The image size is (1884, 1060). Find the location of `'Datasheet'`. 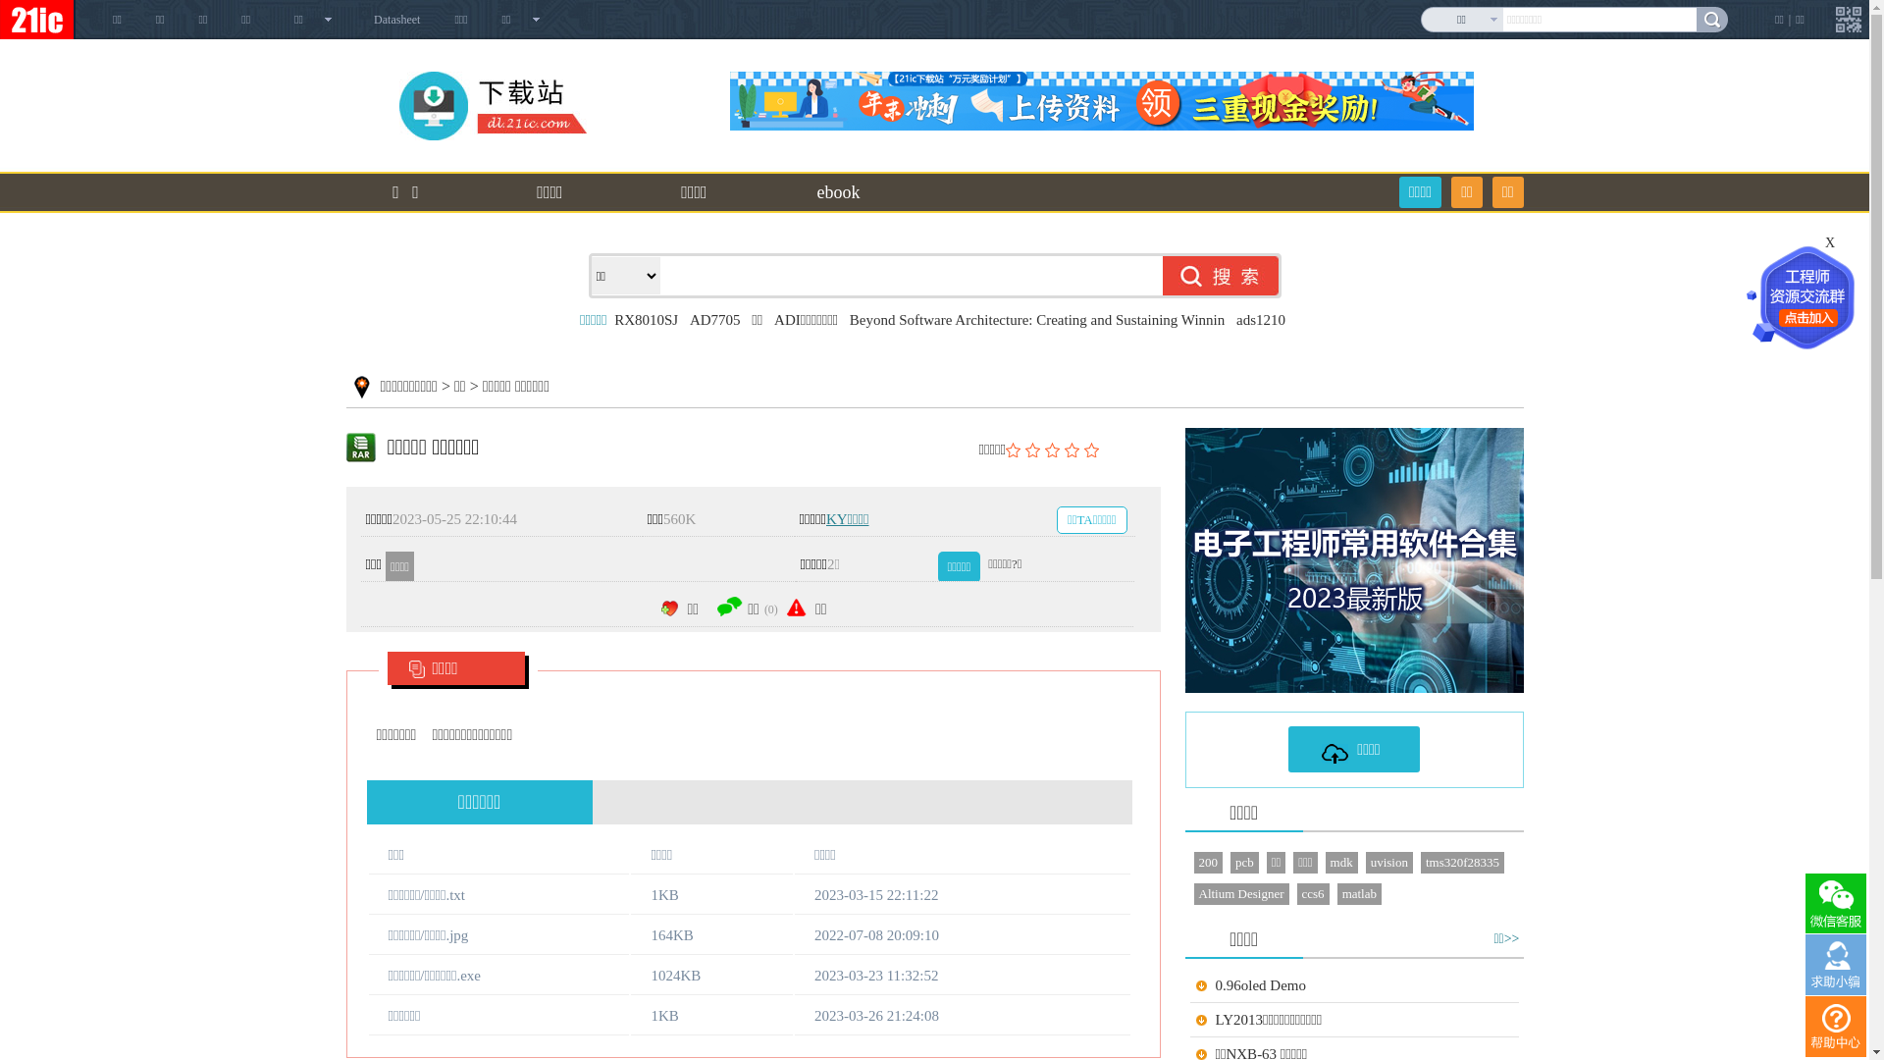

'Datasheet' is located at coordinates (395, 19).